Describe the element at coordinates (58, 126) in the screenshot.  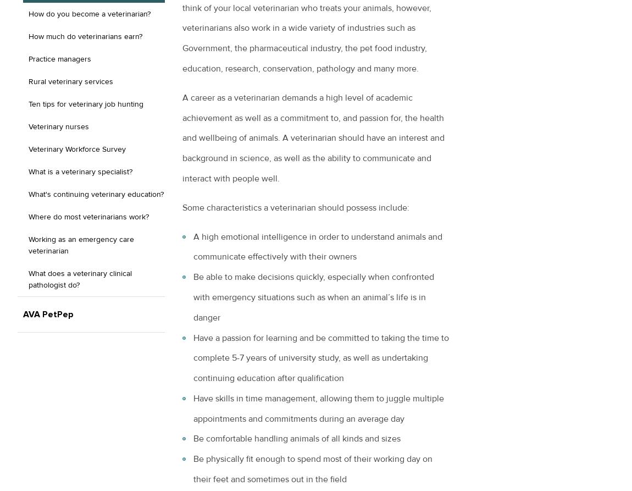
I see `'Veterinary nurses'` at that location.